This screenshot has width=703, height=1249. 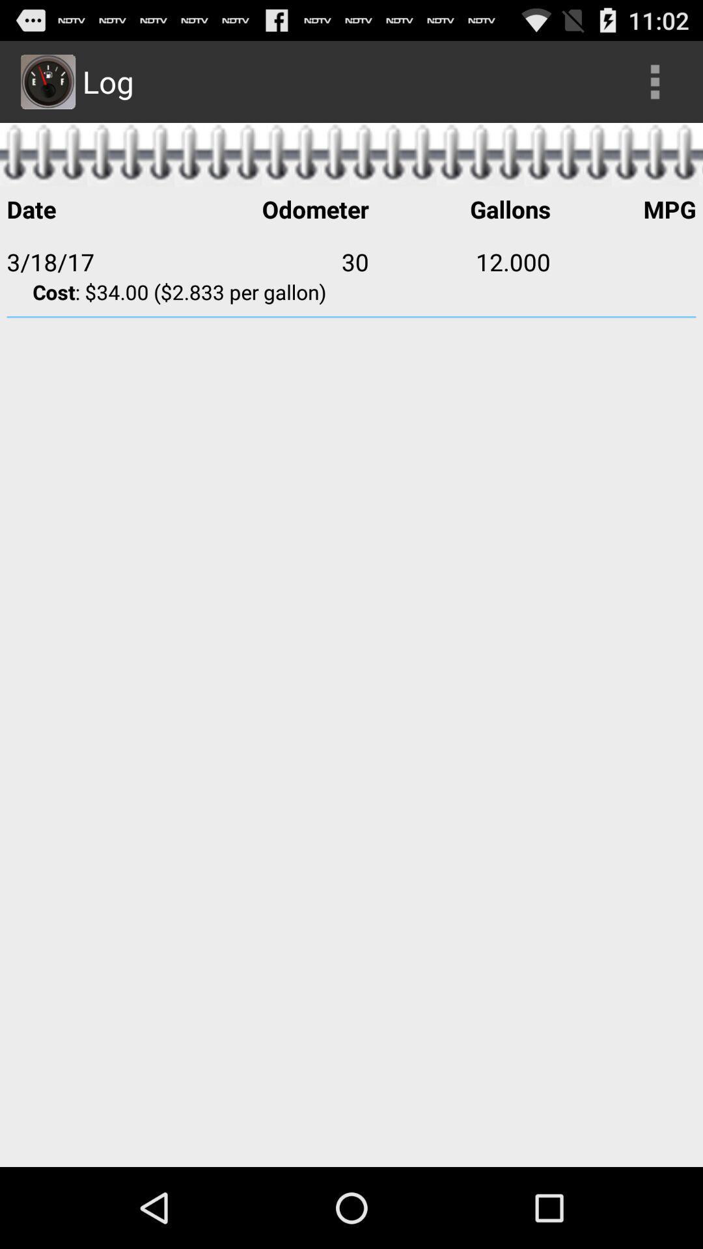 What do you see at coordinates (351, 291) in the screenshot?
I see `the cost 34 00 app` at bounding box center [351, 291].